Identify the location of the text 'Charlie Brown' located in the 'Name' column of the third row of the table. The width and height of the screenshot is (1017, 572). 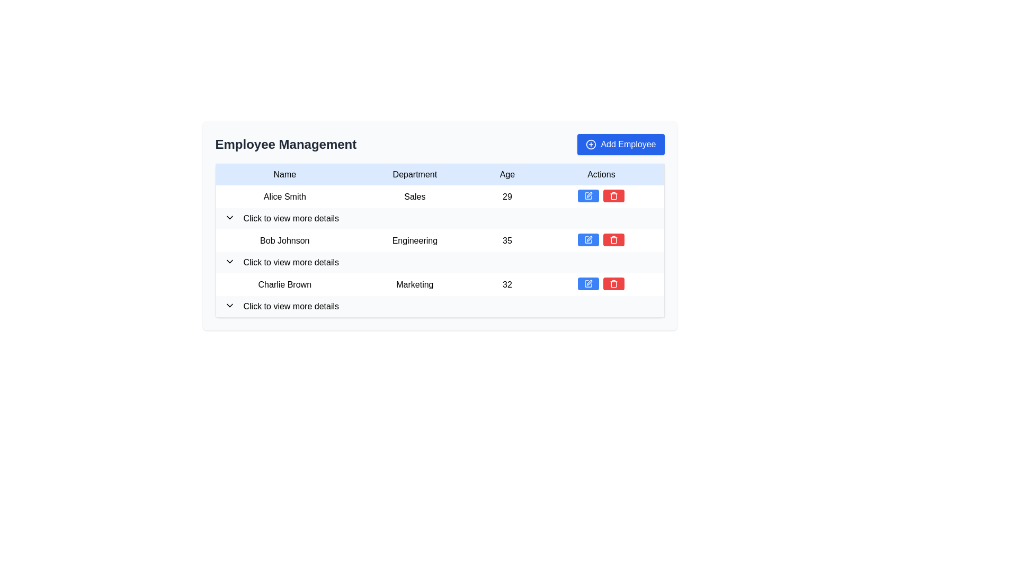
(284, 284).